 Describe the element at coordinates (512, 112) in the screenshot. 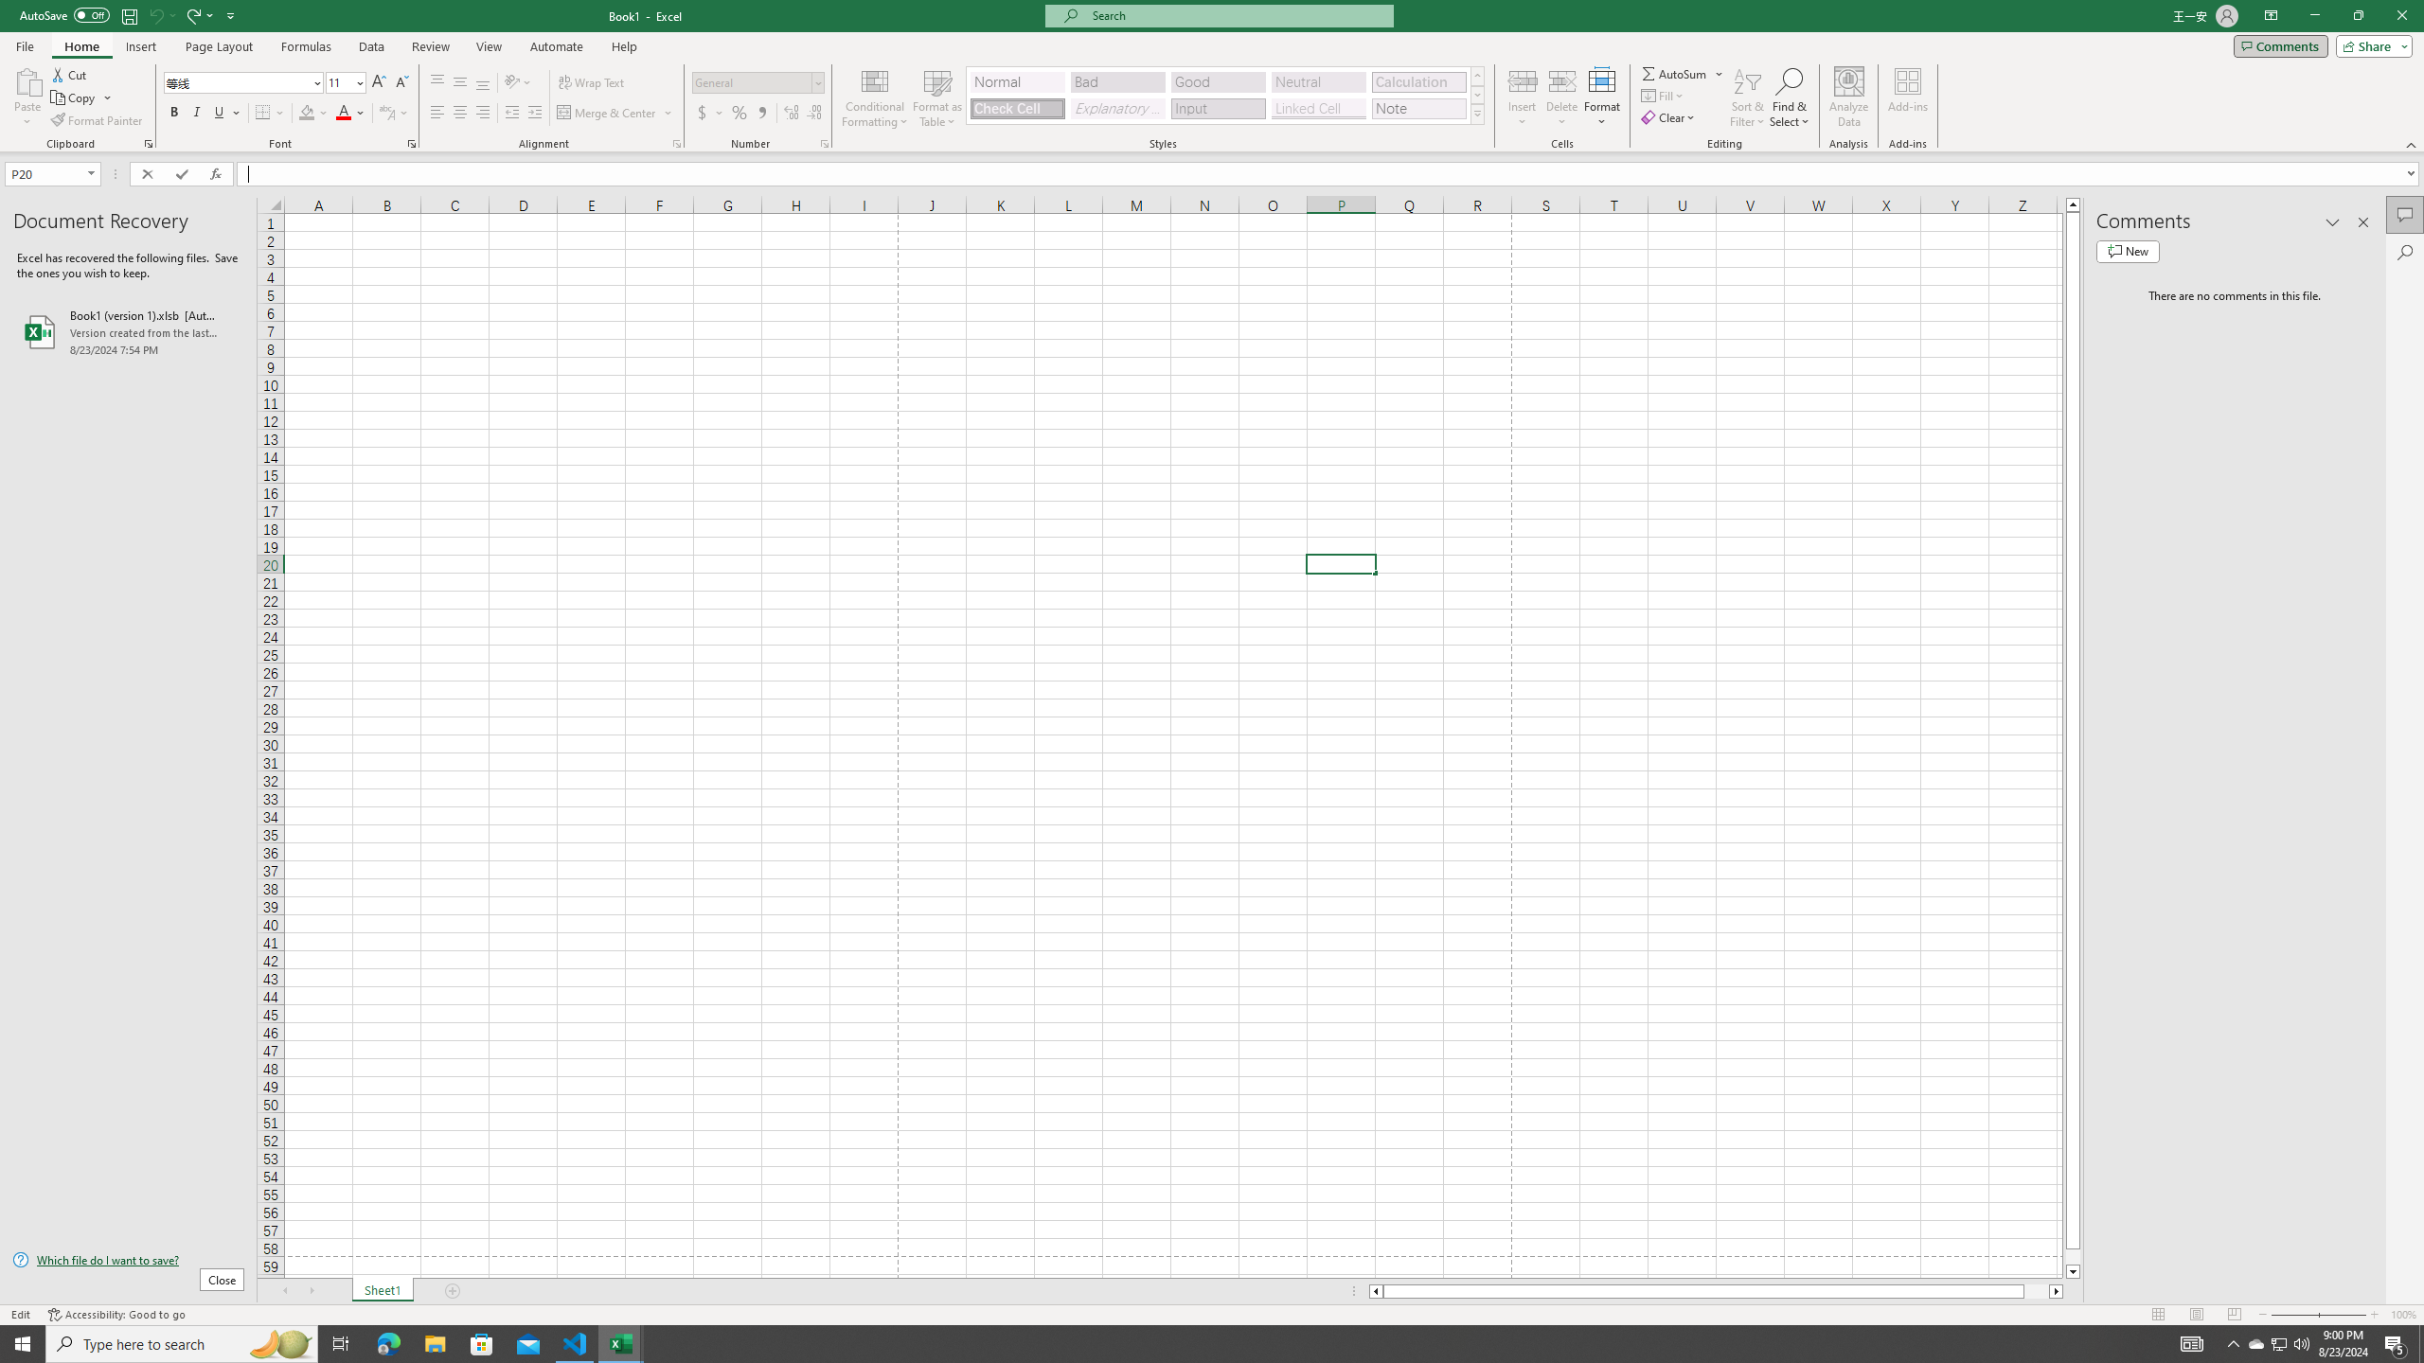

I see `'Decrease Indent'` at that location.